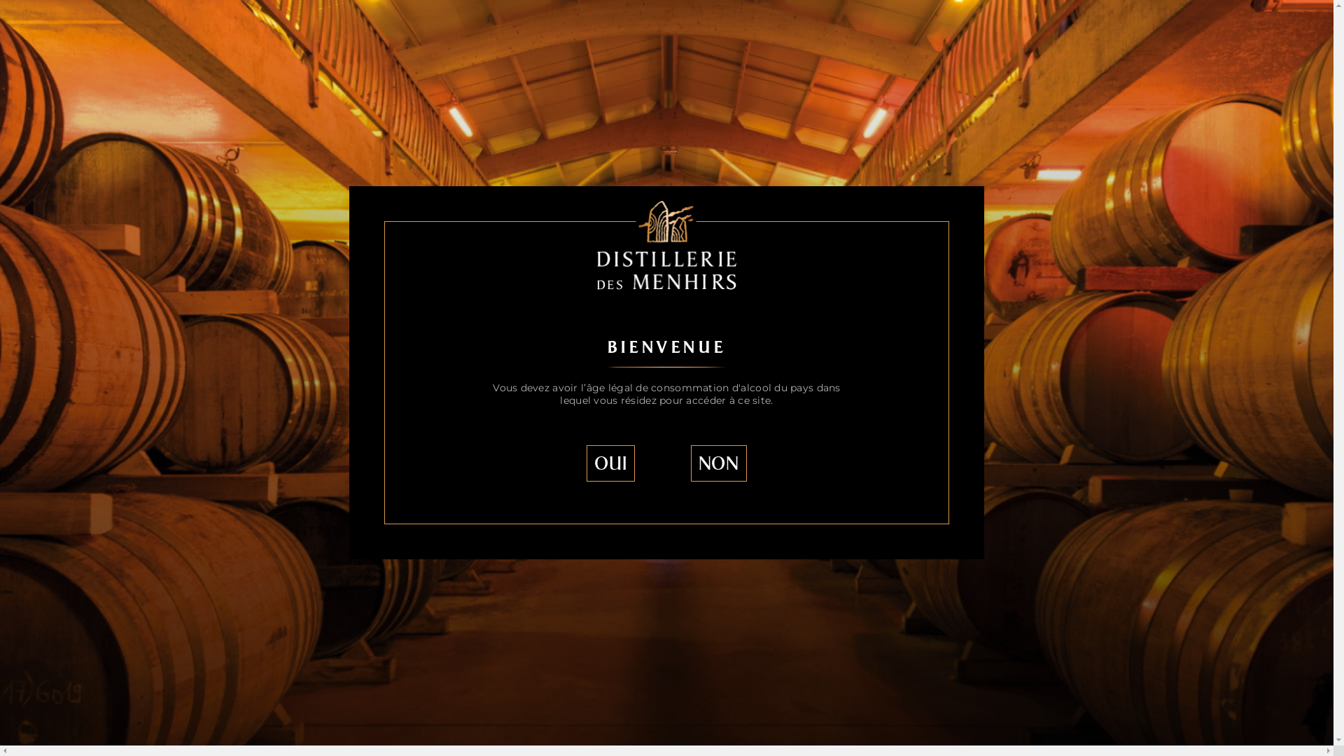  What do you see at coordinates (692, 31) in the screenshot?
I see `'POMMEAUX & LAMBIGS'` at bounding box center [692, 31].